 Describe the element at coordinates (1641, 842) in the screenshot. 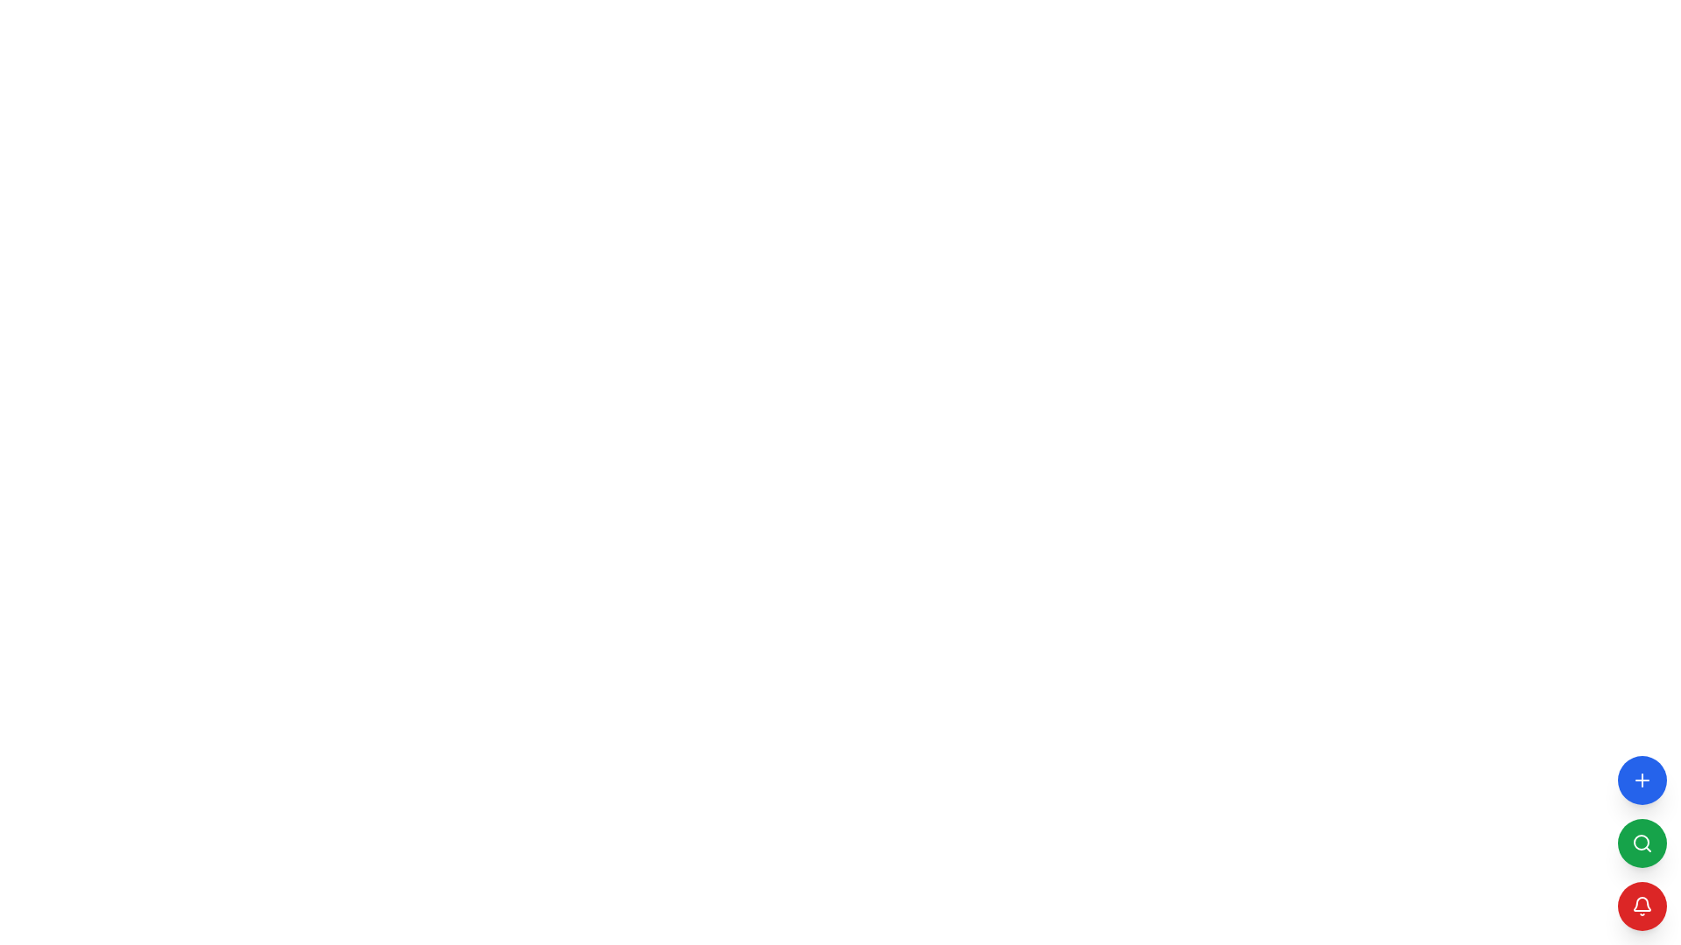

I see `the circular SVG element representing the lens of a magnifying glass icon located on the middle-right side of the interface` at that location.